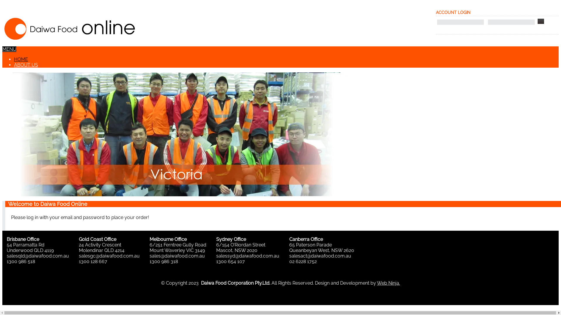  What do you see at coordinates (388, 283) in the screenshot?
I see `'Web Ninja.'` at bounding box center [388, 283].